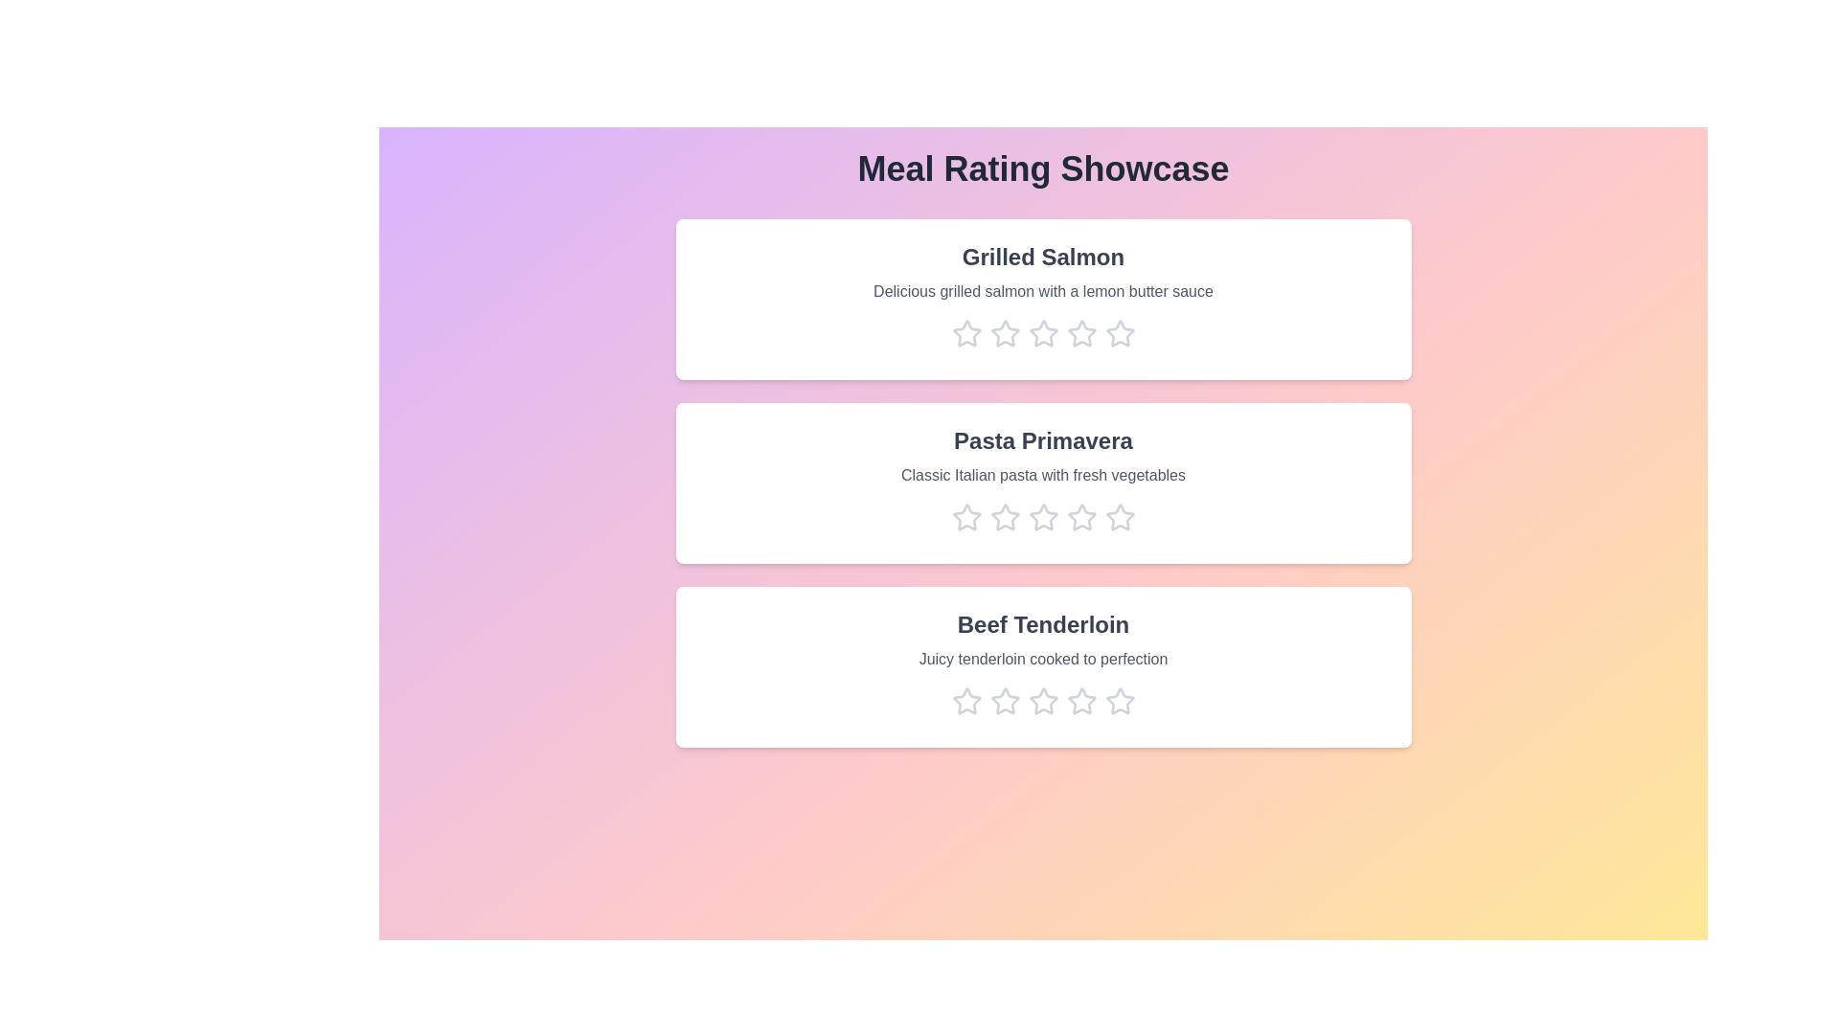  What do you see at coordinates (1042, 299) in the screenshot?
I see `the meal card for Grilled Salmon` at bounding box center [1042, 299].